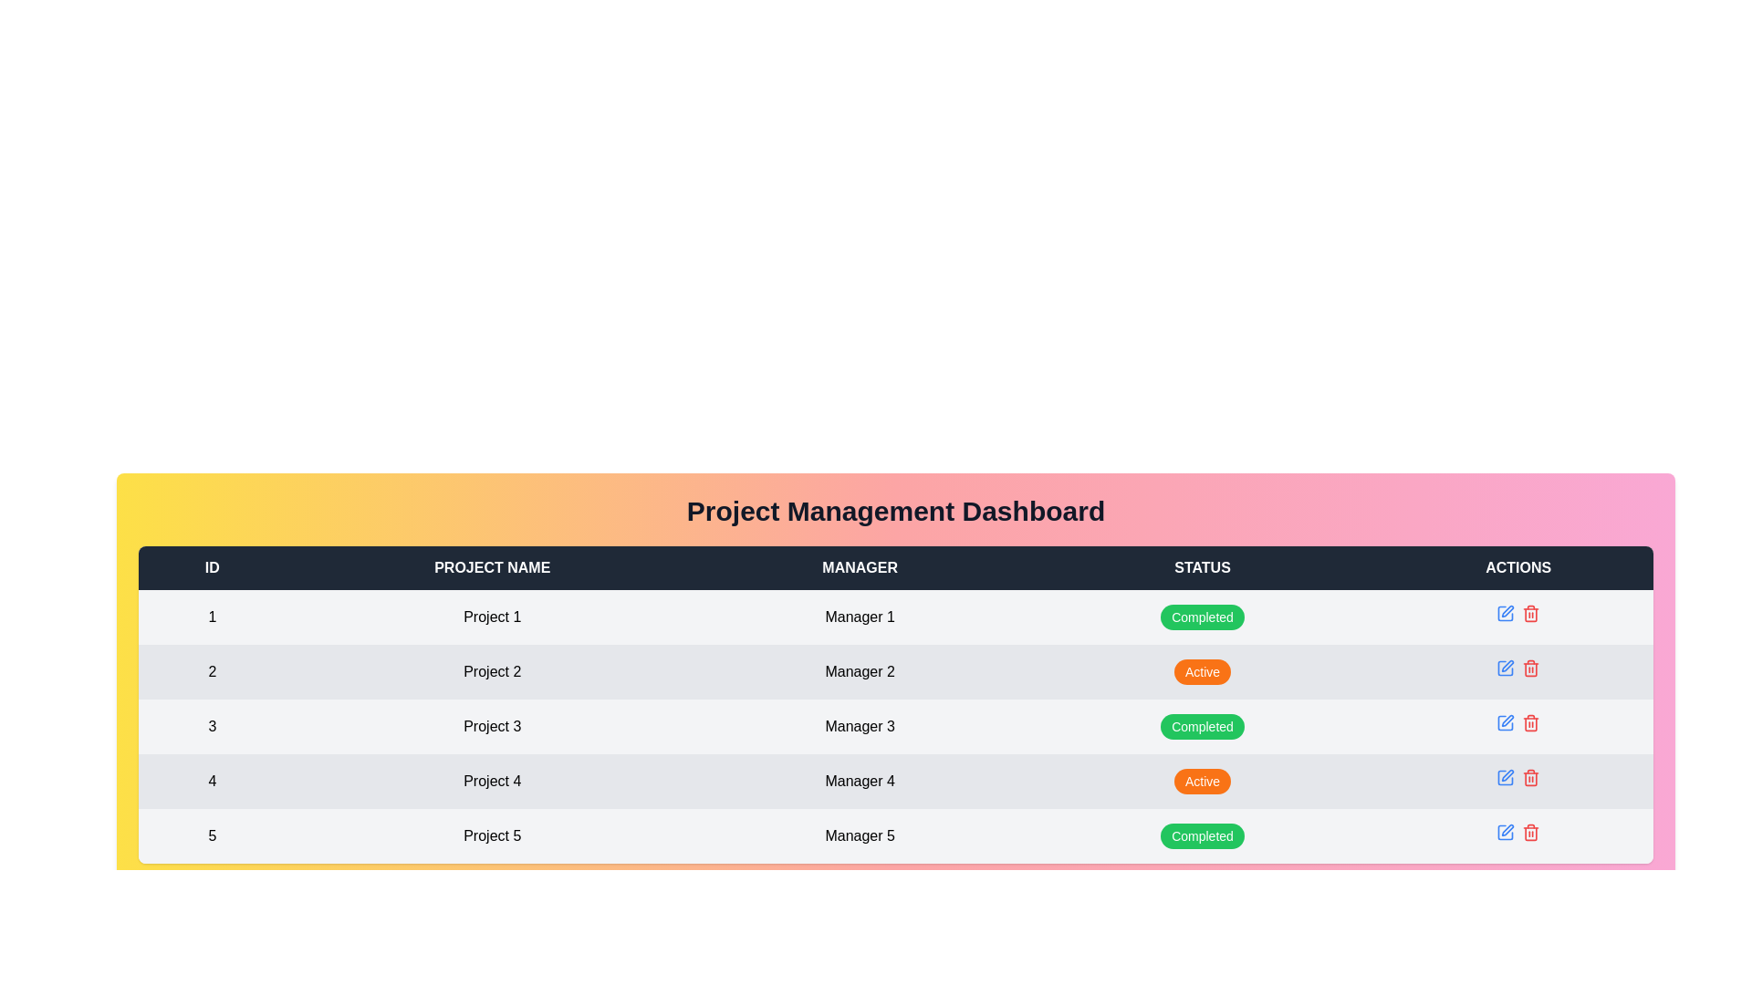  I want to click on the 'Completed' status label in the STATUS column for Project 5, so click(1203, 836).